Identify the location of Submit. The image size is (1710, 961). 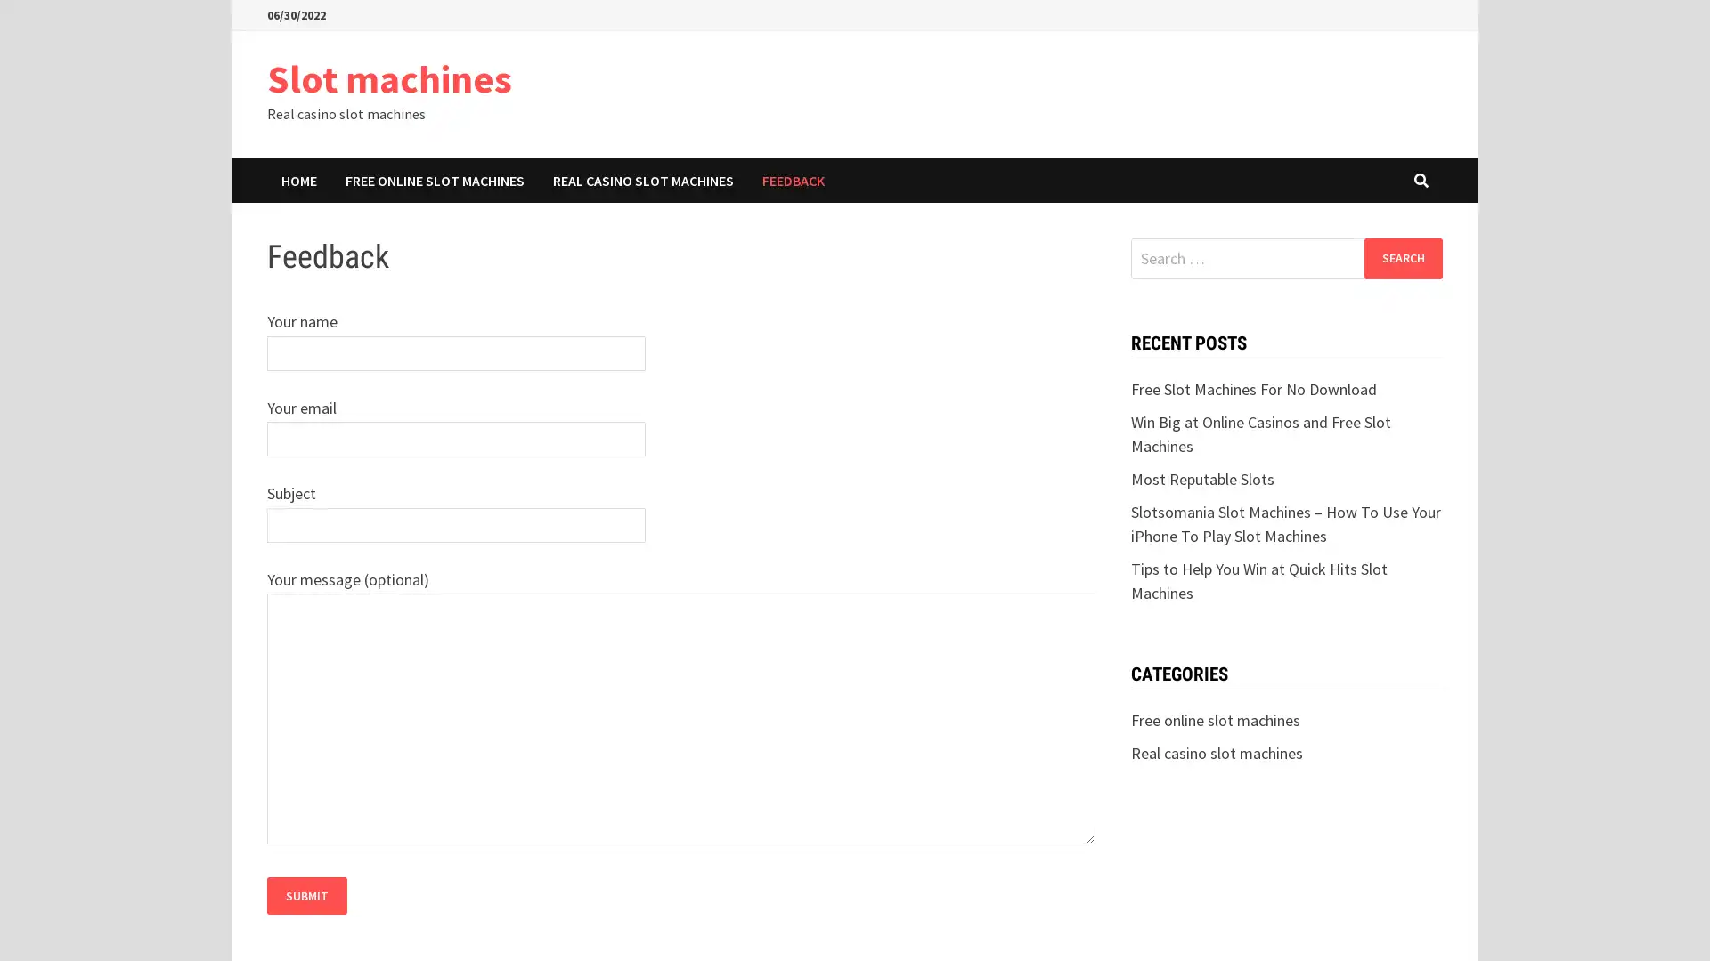
(307, 895).